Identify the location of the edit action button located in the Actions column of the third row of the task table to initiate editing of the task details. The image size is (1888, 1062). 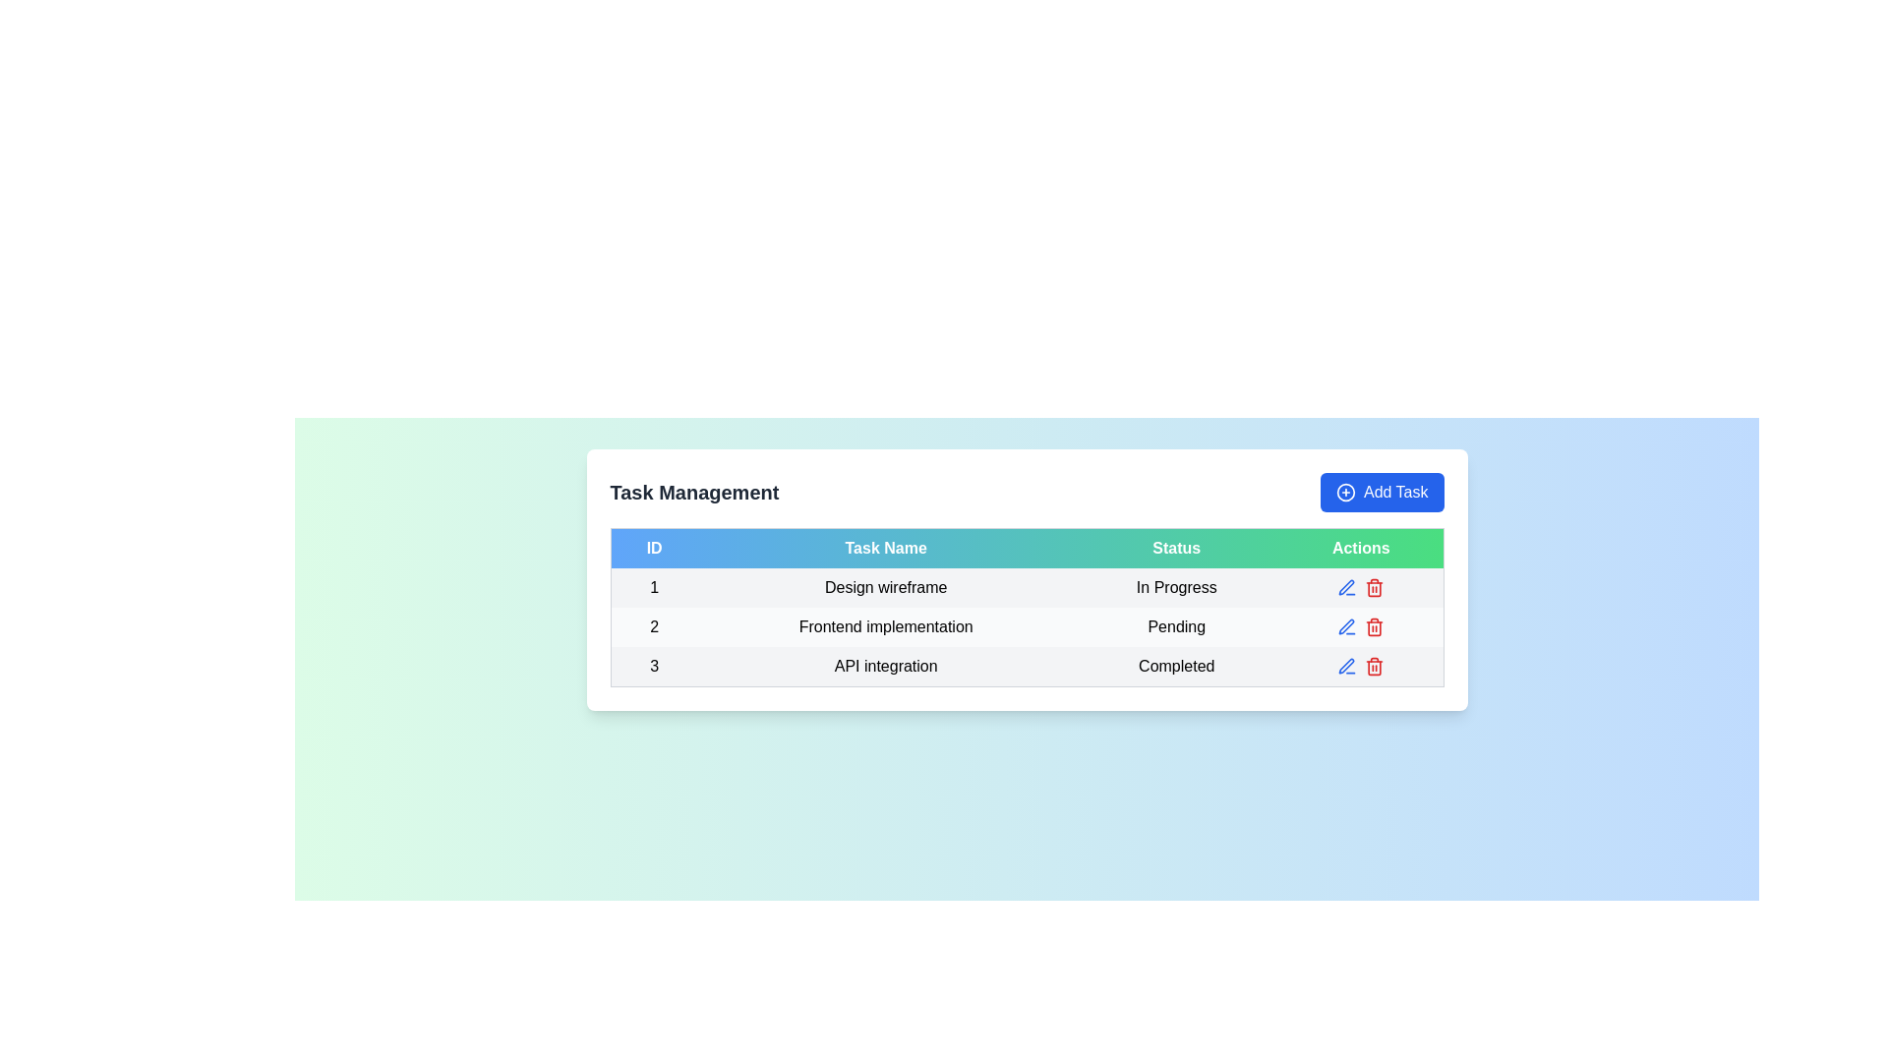
(1344, 665).